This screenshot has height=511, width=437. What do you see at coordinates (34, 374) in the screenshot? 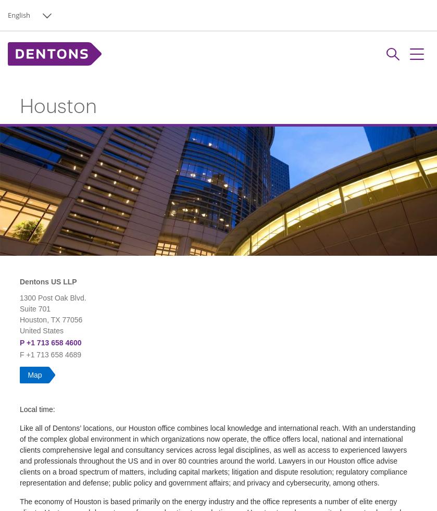
I see `'Map'` at bounding box center [34, 374].